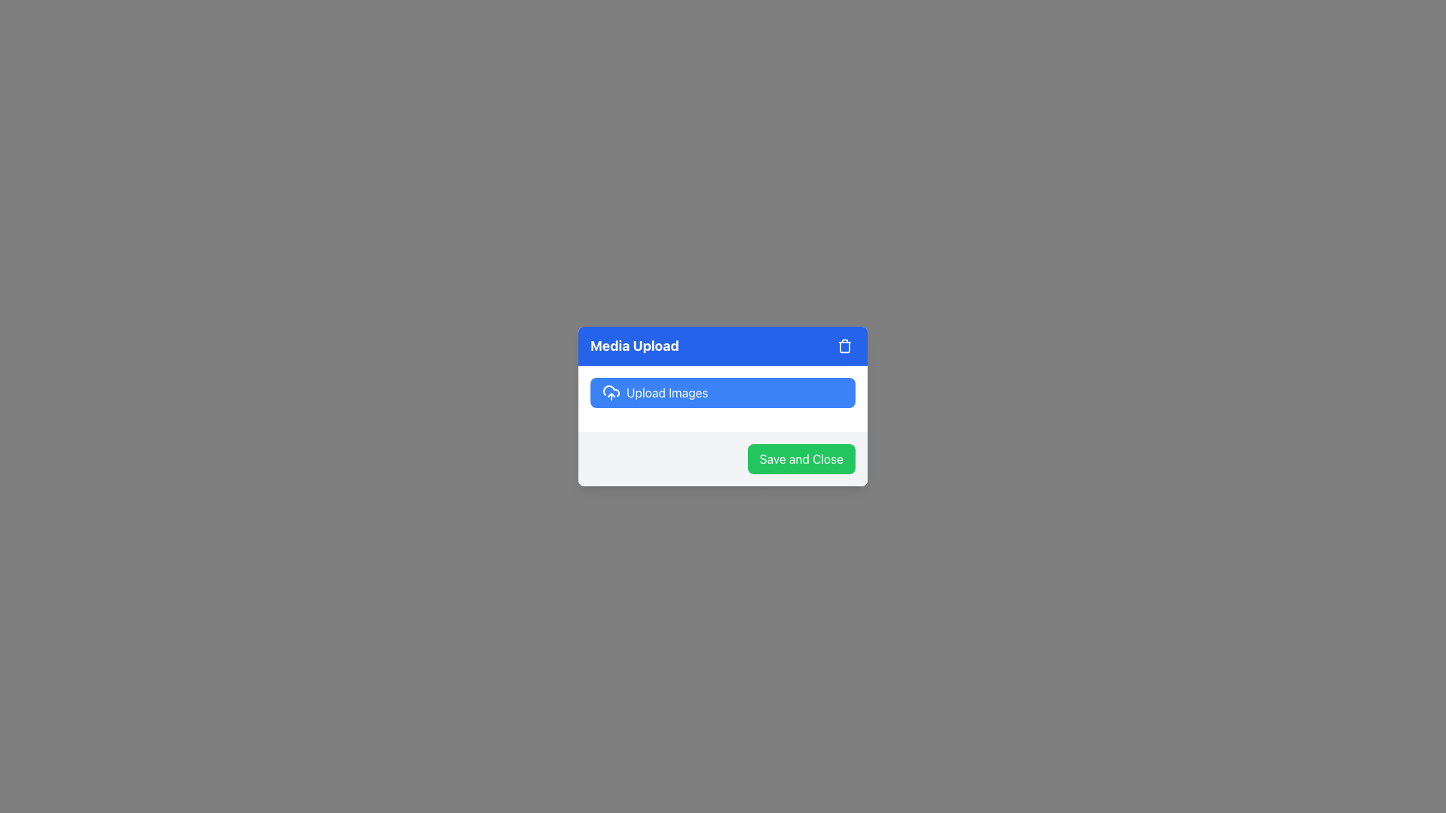 This screenshot has height=813, width=1446. Describe the element at coordinates (845, 346) in the screenshot. I see `the delete icon button located in the top-right corner of the 'Media Upload' dialog box` at that location.